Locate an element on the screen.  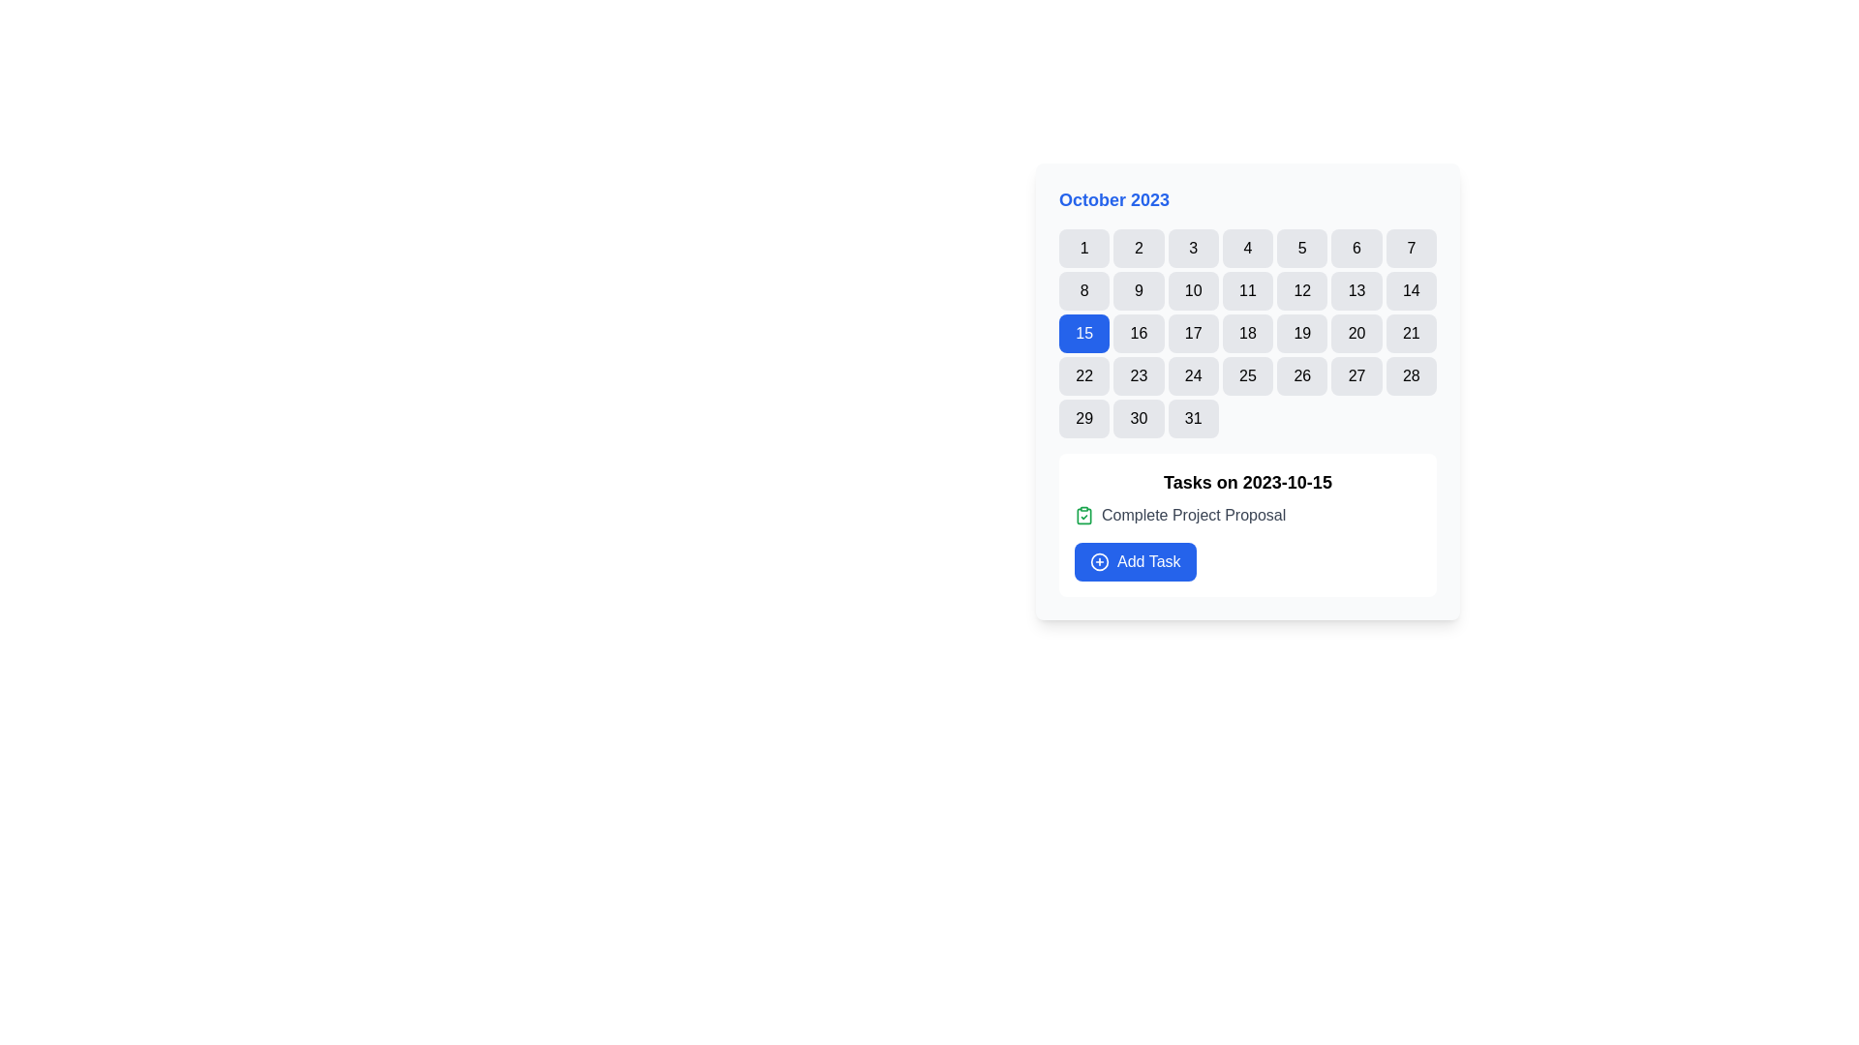
the square button with a light gray background displaying the number '3', located in the top row of the calendar grid is located at coordinates (1192, 248).